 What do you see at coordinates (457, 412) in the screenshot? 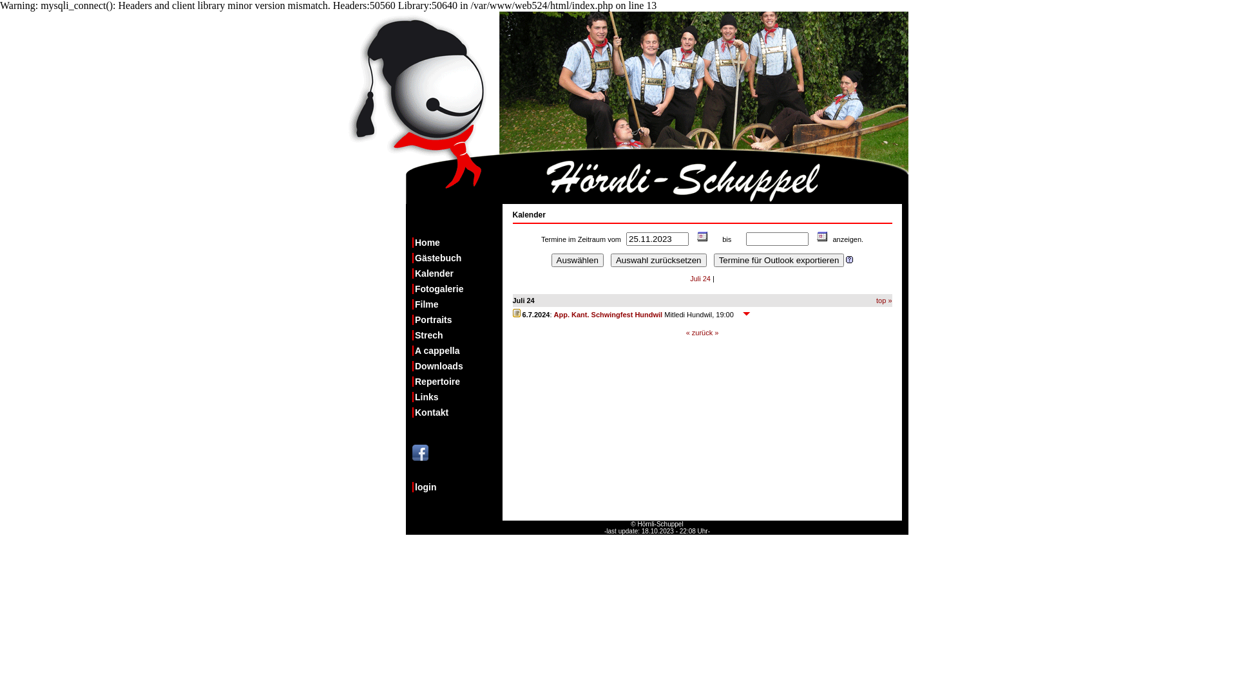
I see `'Kontakt'` at bounding box center [457, 412].